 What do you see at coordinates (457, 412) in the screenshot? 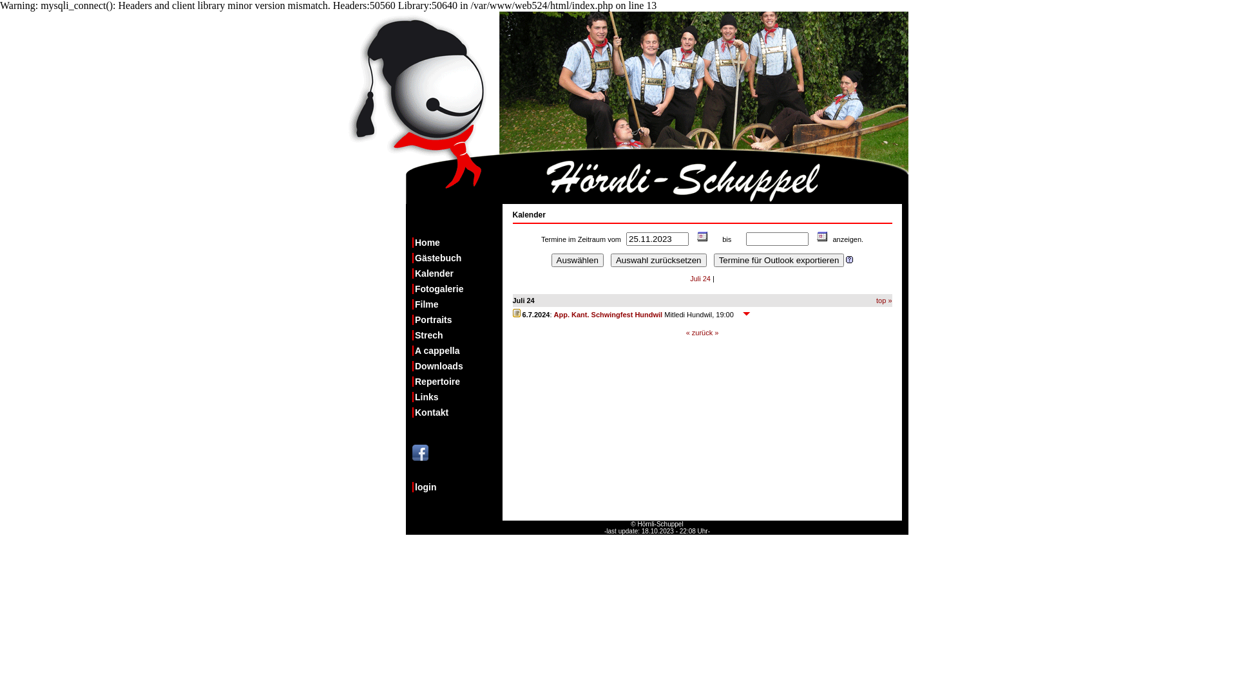
I see `'Kontakt'` at bounding box center [457, 412].